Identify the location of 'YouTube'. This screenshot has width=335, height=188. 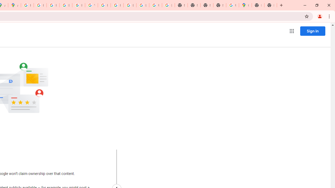
(91, 5).